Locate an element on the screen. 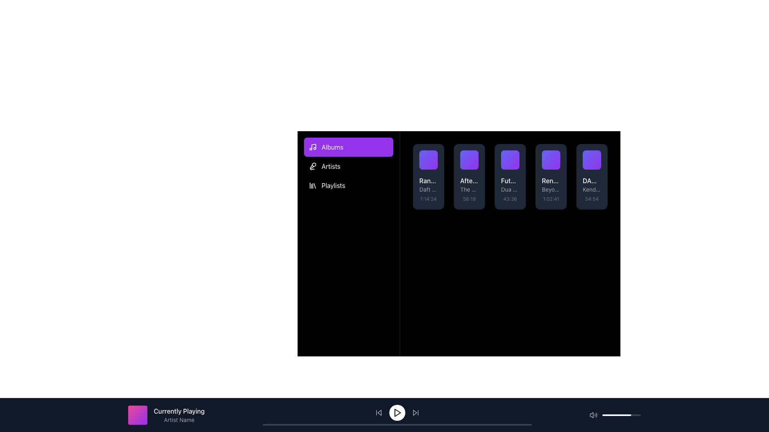 This screenshot has height=432, width=769. the Text Label that indicates the current playback status, located in the bottom player section above 'Artist Name' and next to the album cover image is located at coordinates (179, 411).